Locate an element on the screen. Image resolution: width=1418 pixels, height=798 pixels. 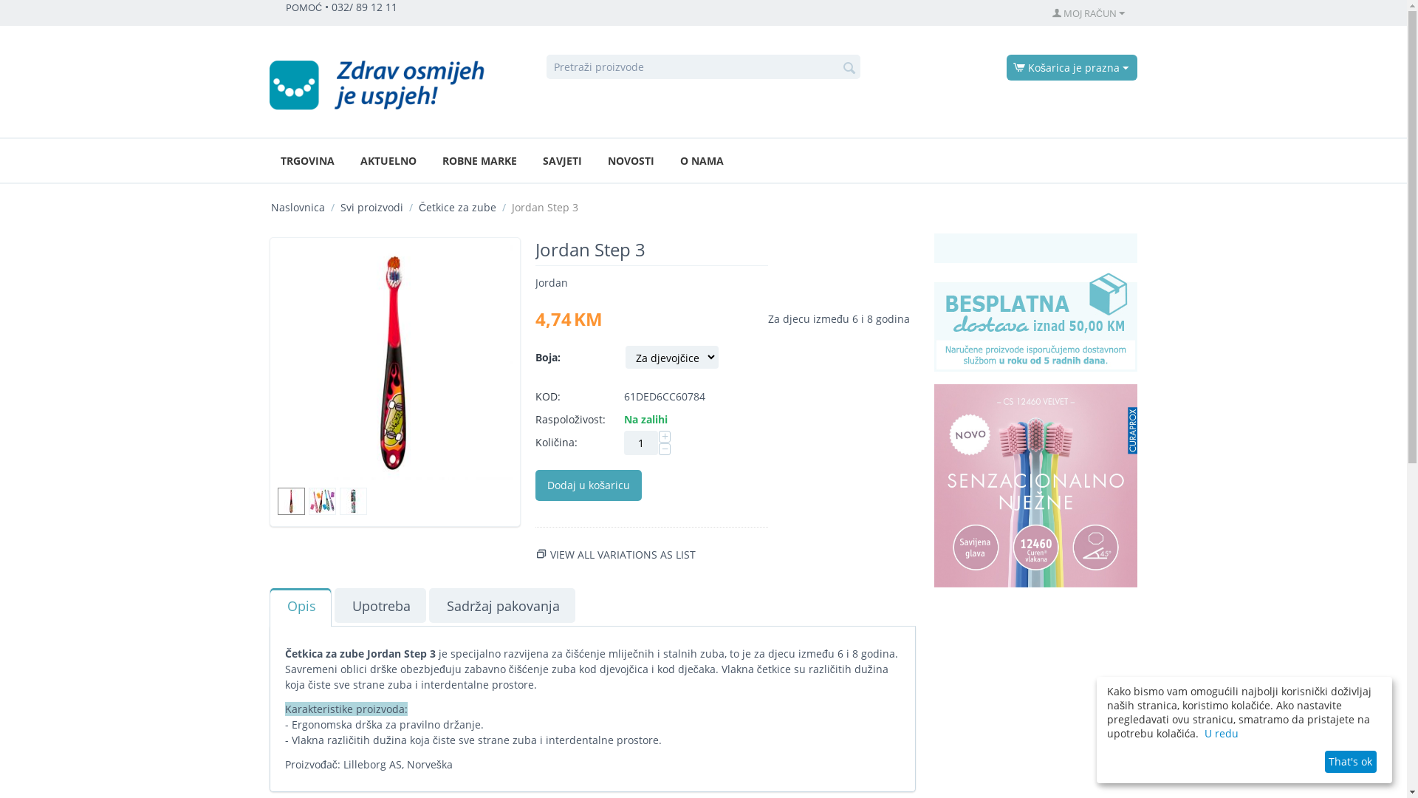
'AKTUELNO' is located at coordinates (349, 160).